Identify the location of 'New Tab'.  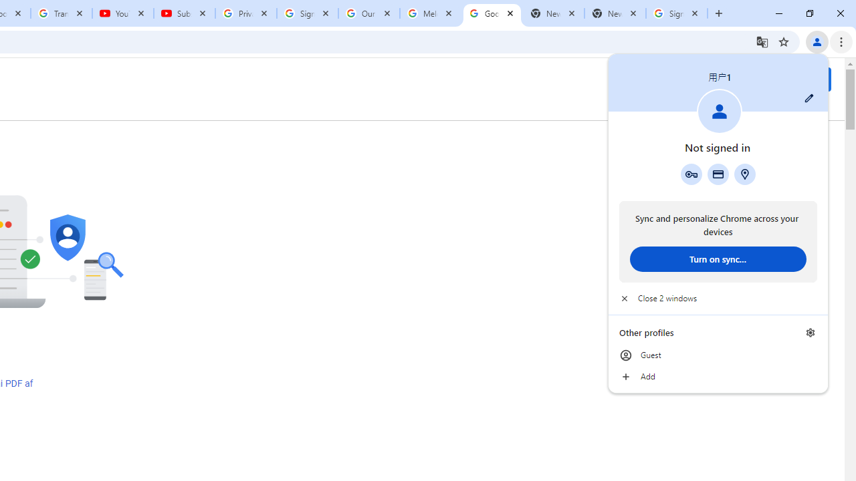
(615, 13).